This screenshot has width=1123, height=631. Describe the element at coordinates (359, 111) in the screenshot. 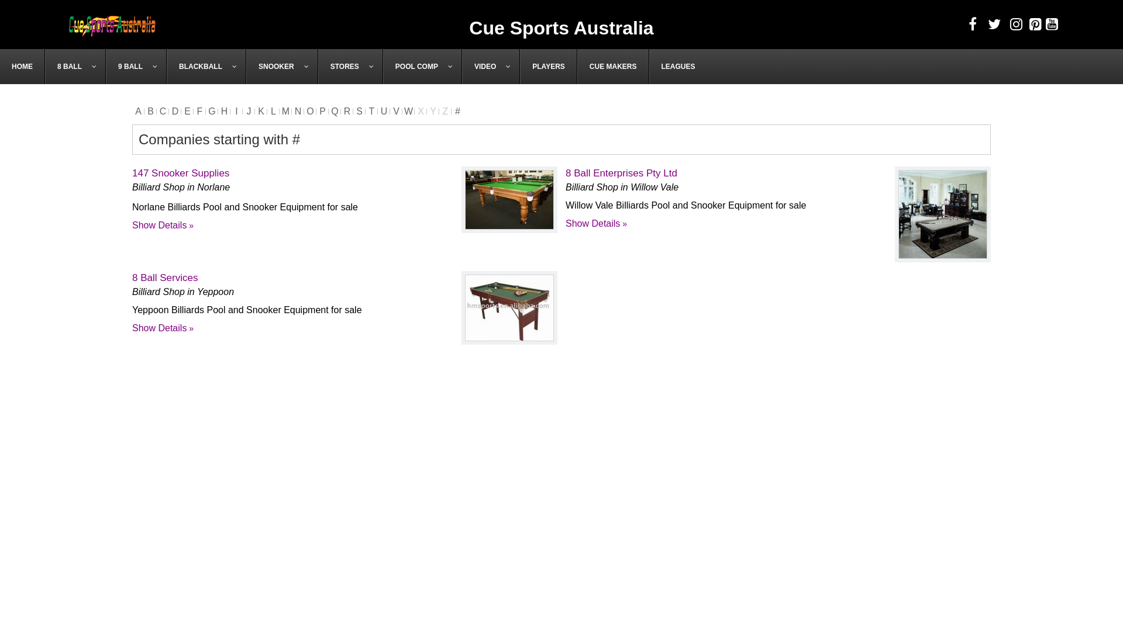

I see `'S'` at that location.